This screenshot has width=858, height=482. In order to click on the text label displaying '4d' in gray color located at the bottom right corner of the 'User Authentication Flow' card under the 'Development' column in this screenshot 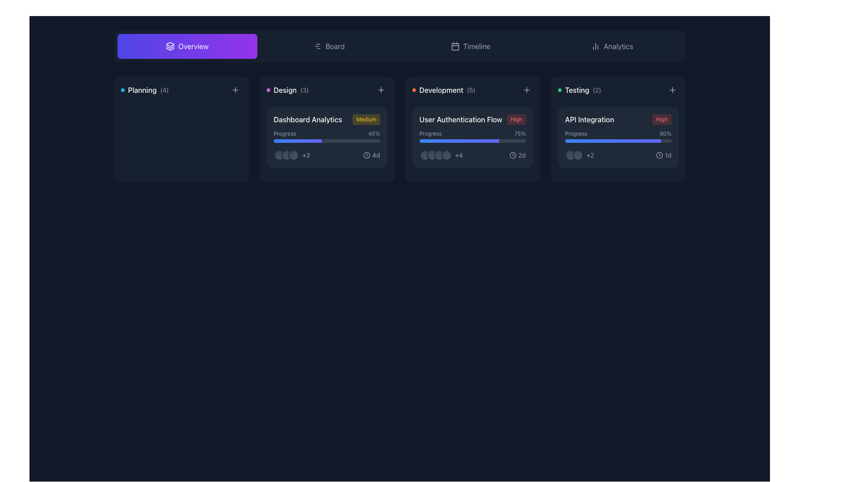, I will do `click(376, 154)`.